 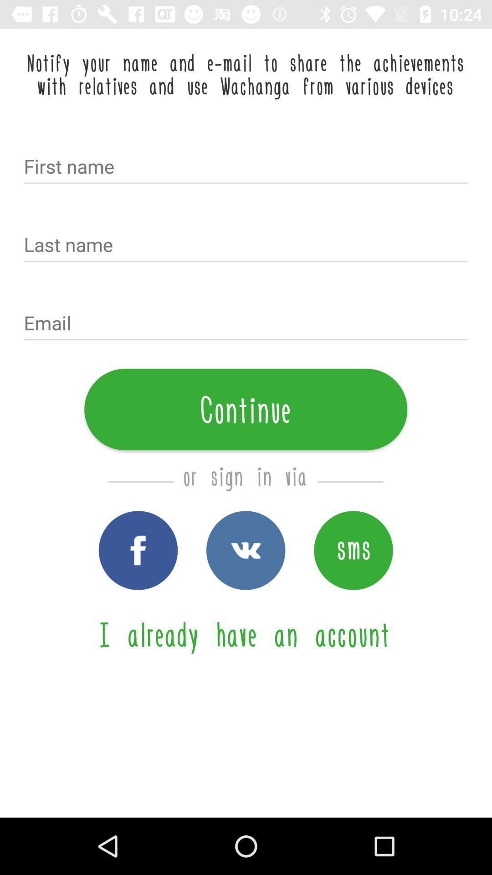 What do you see at coordinates (353, 550) in the screenshot?
I see `sign in via text messaging` at bounding box center [353, 550].